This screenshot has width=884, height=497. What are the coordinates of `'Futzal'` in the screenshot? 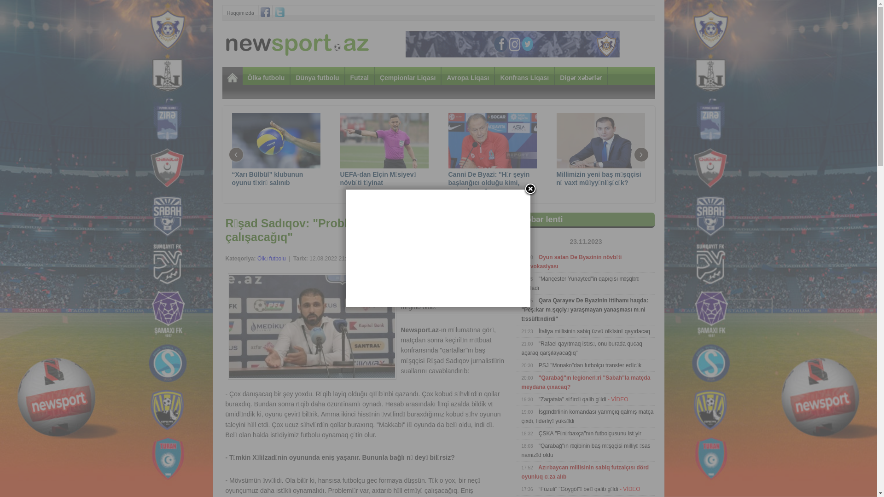 It's located at (359, 77).